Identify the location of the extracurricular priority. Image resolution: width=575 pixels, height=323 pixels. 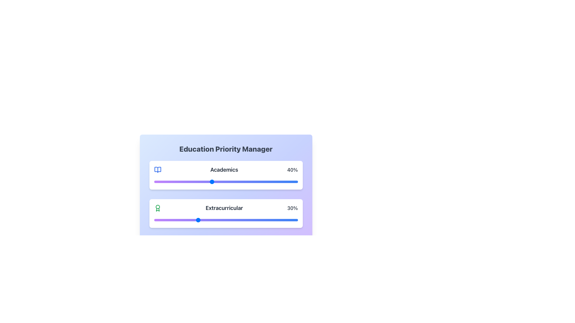
(184, 258).